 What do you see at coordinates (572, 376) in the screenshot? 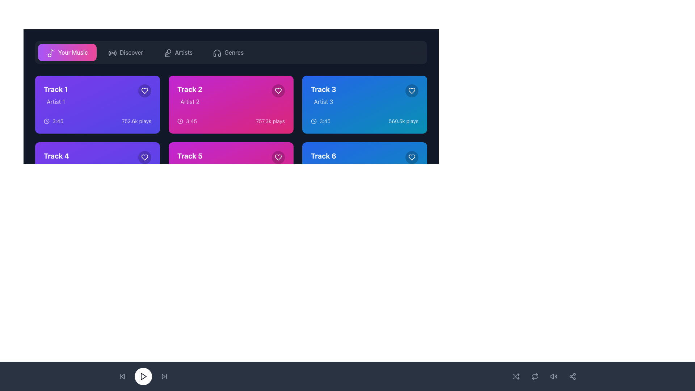
I see `the circular button with a network icon` at bounding box center [572, 376].